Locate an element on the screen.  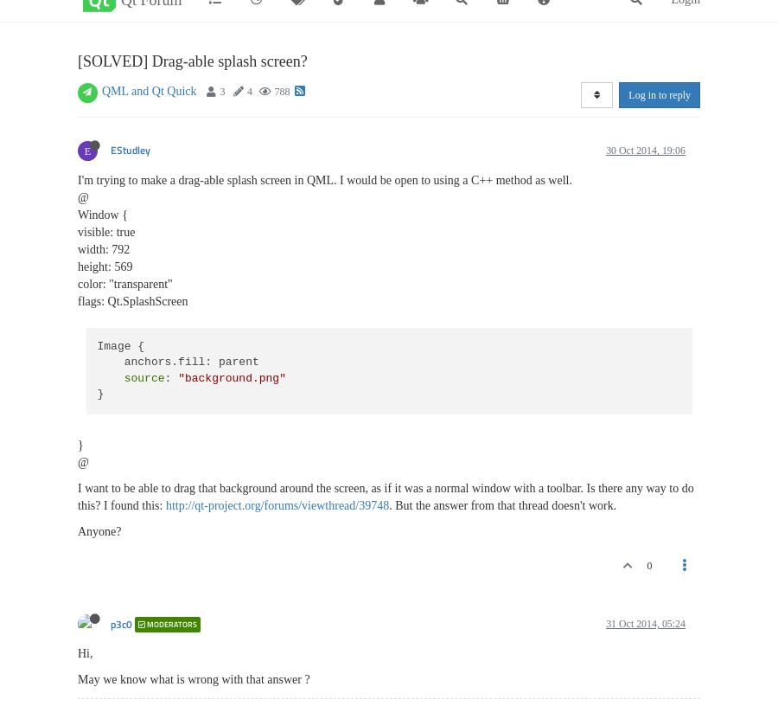
'height: 569' is located at coordinates (105, 266).